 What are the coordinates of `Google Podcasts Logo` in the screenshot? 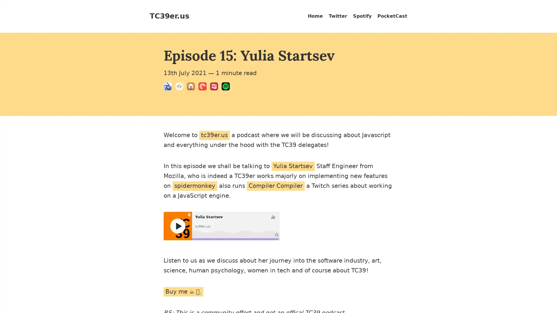 It's located at (181, 87).